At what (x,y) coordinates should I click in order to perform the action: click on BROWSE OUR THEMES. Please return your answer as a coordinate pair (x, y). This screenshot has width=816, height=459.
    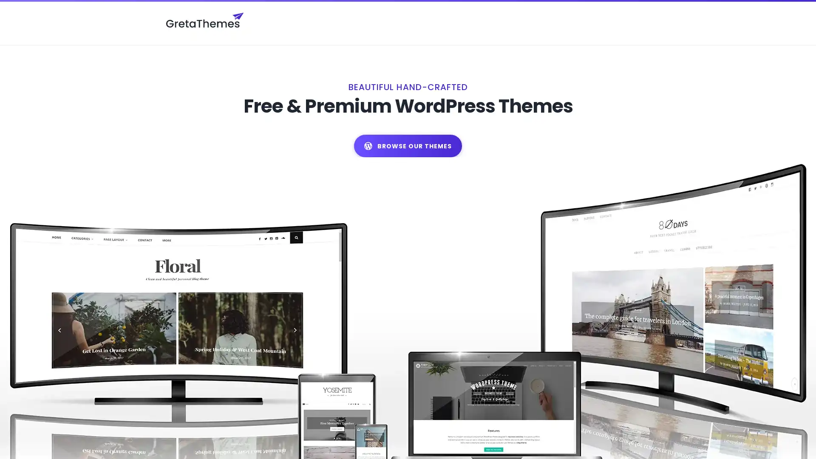
    Looking at the image, I should click on (408, 127).